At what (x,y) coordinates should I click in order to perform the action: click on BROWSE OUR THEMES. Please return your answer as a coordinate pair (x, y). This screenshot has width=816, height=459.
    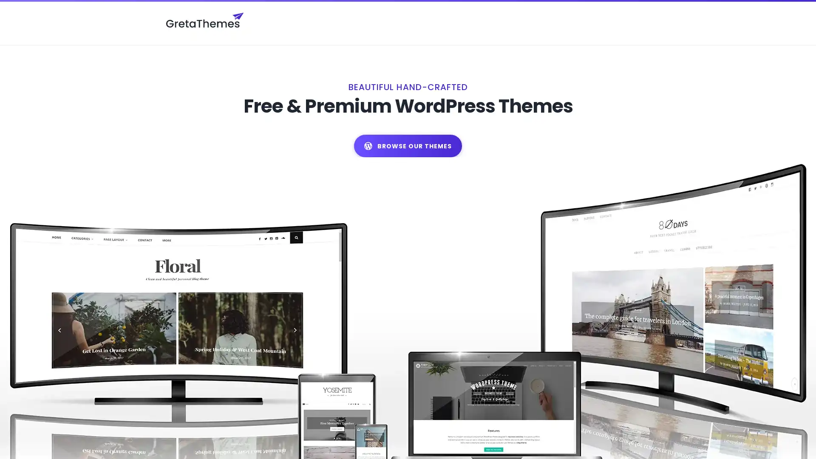
    Looking at the image, I should click on (408, 127).